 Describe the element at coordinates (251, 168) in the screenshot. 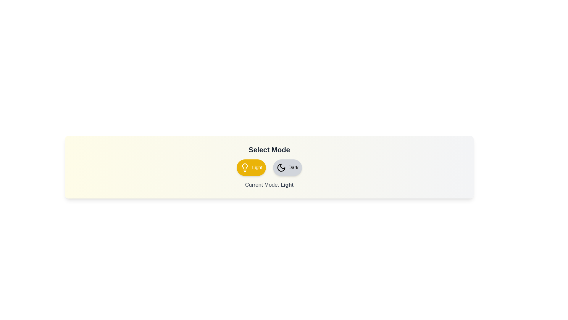

I see `the 'Light' button to change the mode` at that location.